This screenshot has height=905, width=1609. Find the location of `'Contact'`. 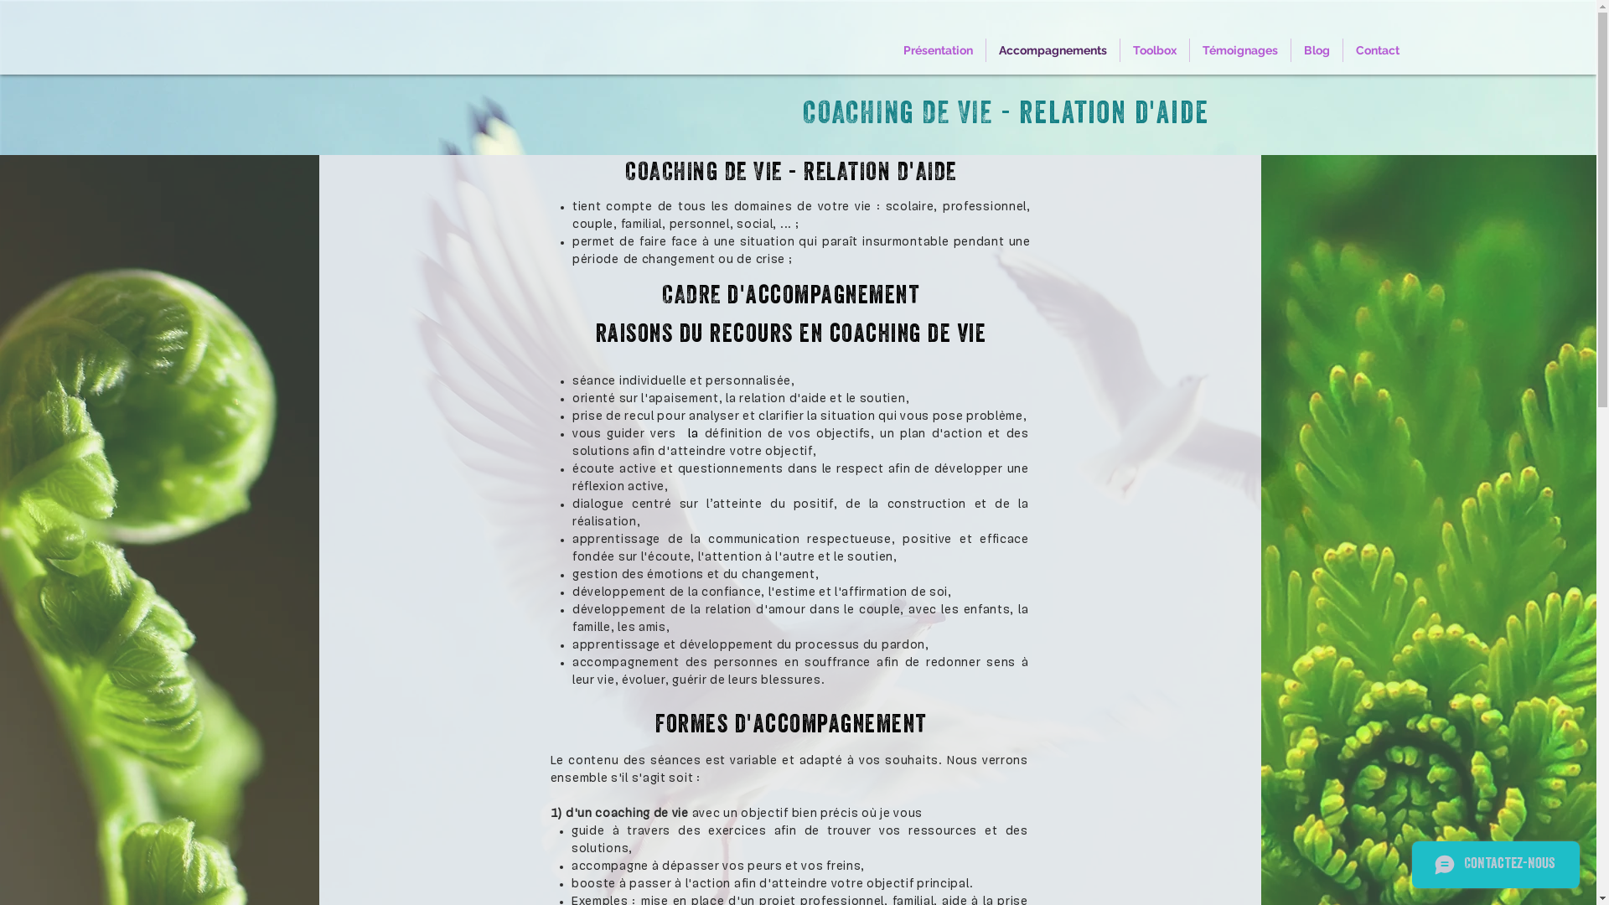

'Contact' is located at coordinates (1377, 49).